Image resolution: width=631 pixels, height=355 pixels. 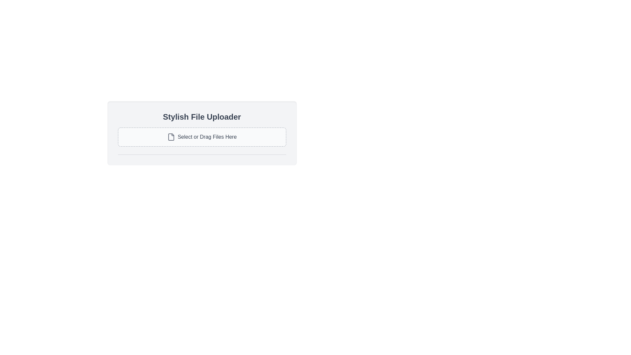 I want to click on the file icon, which is a small gray icon resembling a file located to the left of the text in the 'Select or Drag Files Here' section, so click(x=171, y=136).